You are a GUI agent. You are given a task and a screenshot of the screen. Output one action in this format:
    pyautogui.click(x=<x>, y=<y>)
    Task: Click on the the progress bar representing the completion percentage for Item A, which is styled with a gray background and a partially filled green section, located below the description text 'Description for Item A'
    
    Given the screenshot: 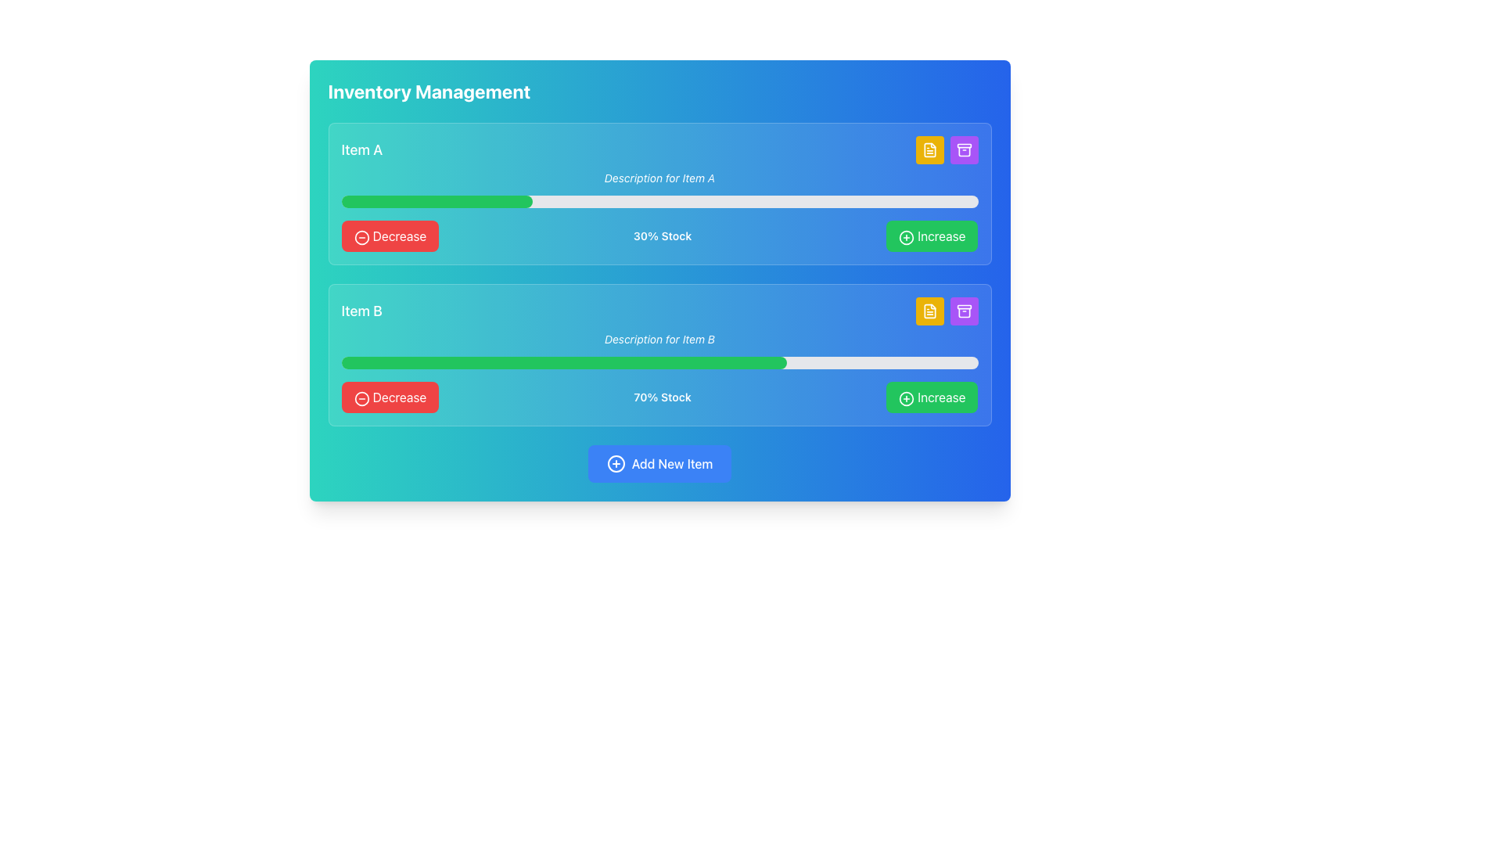 What is the action you would take?
    pyautogui.click(x=659, y=201)
    